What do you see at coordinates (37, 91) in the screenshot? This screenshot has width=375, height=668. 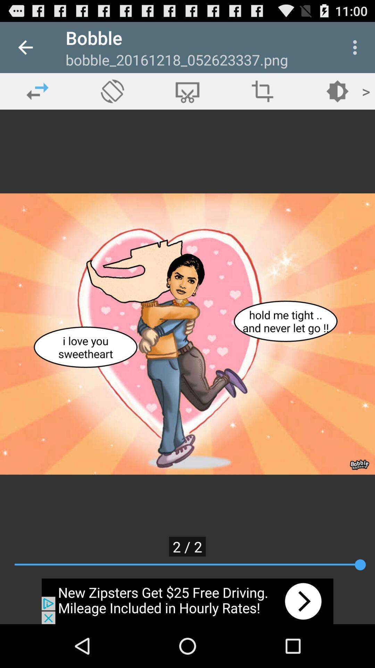 I see `go back` at bounding box center [37, 91].